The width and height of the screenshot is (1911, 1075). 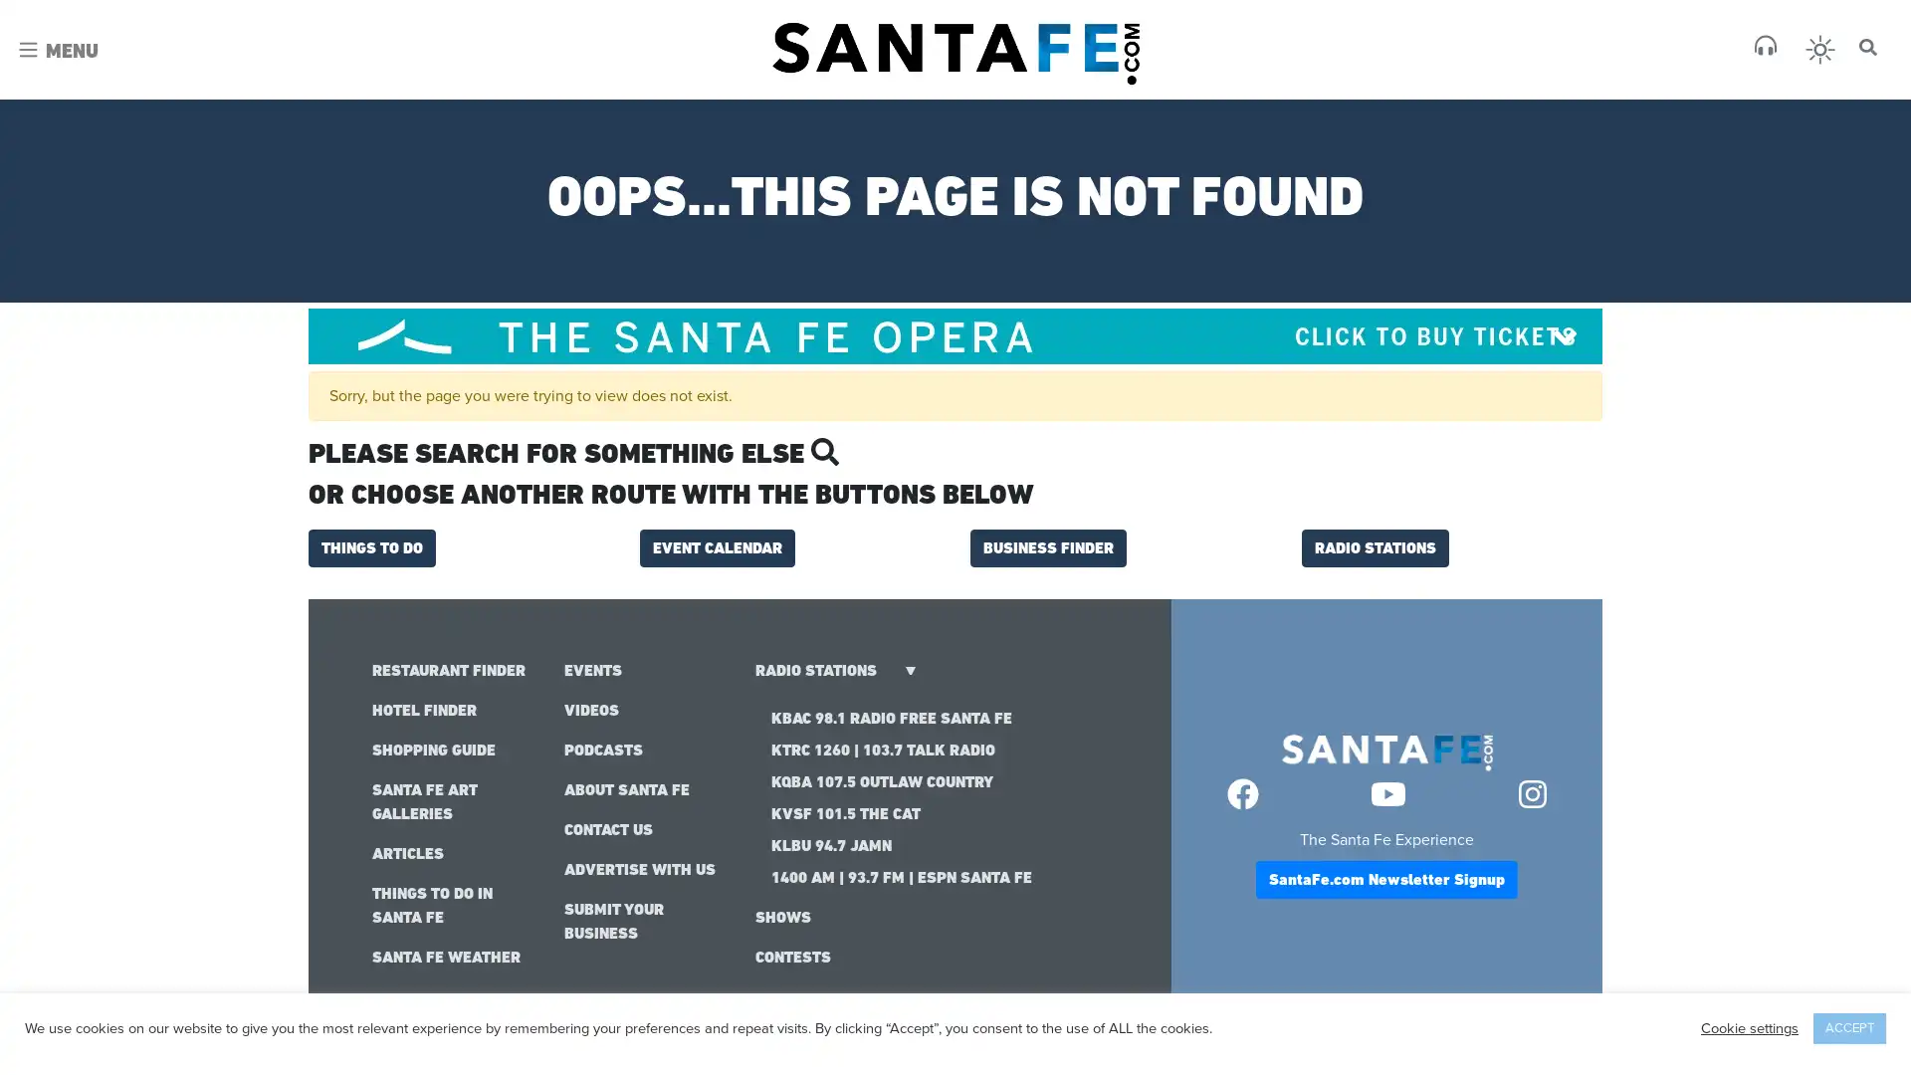 What do you see at coordinates (1384, 878) in the screenshot?
I see `SantaFe.com Newsletter Signup` at bounding box center [1384, 878].